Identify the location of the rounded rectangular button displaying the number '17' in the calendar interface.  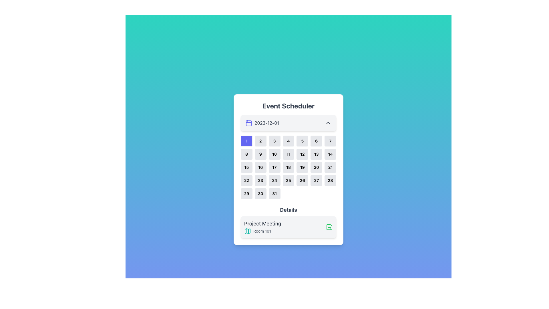
(274, 167).